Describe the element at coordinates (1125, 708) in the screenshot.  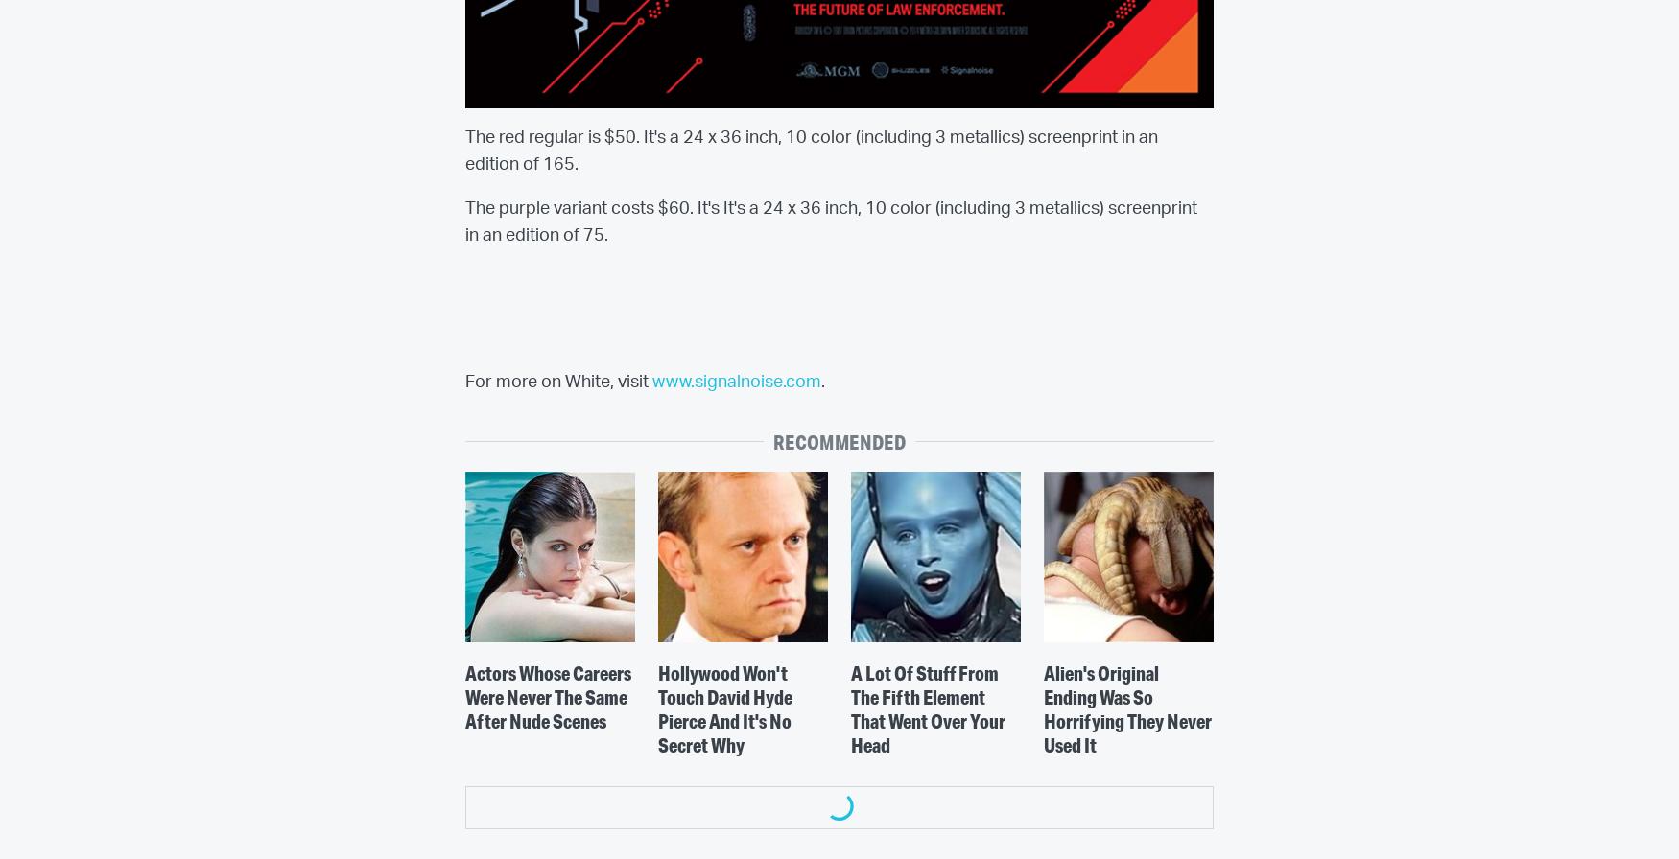
I see `'Alien's Original Ending Was So Horrifying They Never Used It'` at that location.